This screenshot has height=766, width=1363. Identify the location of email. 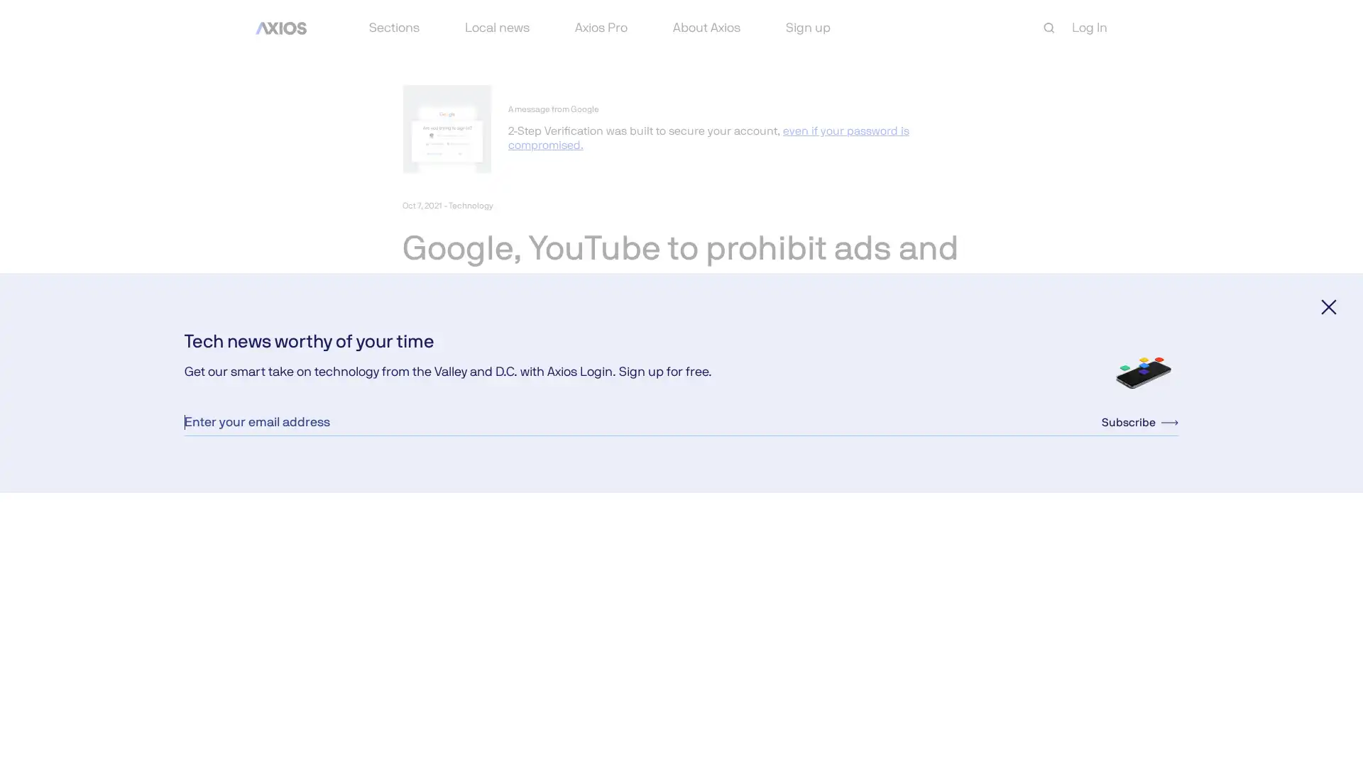
(514, 428).